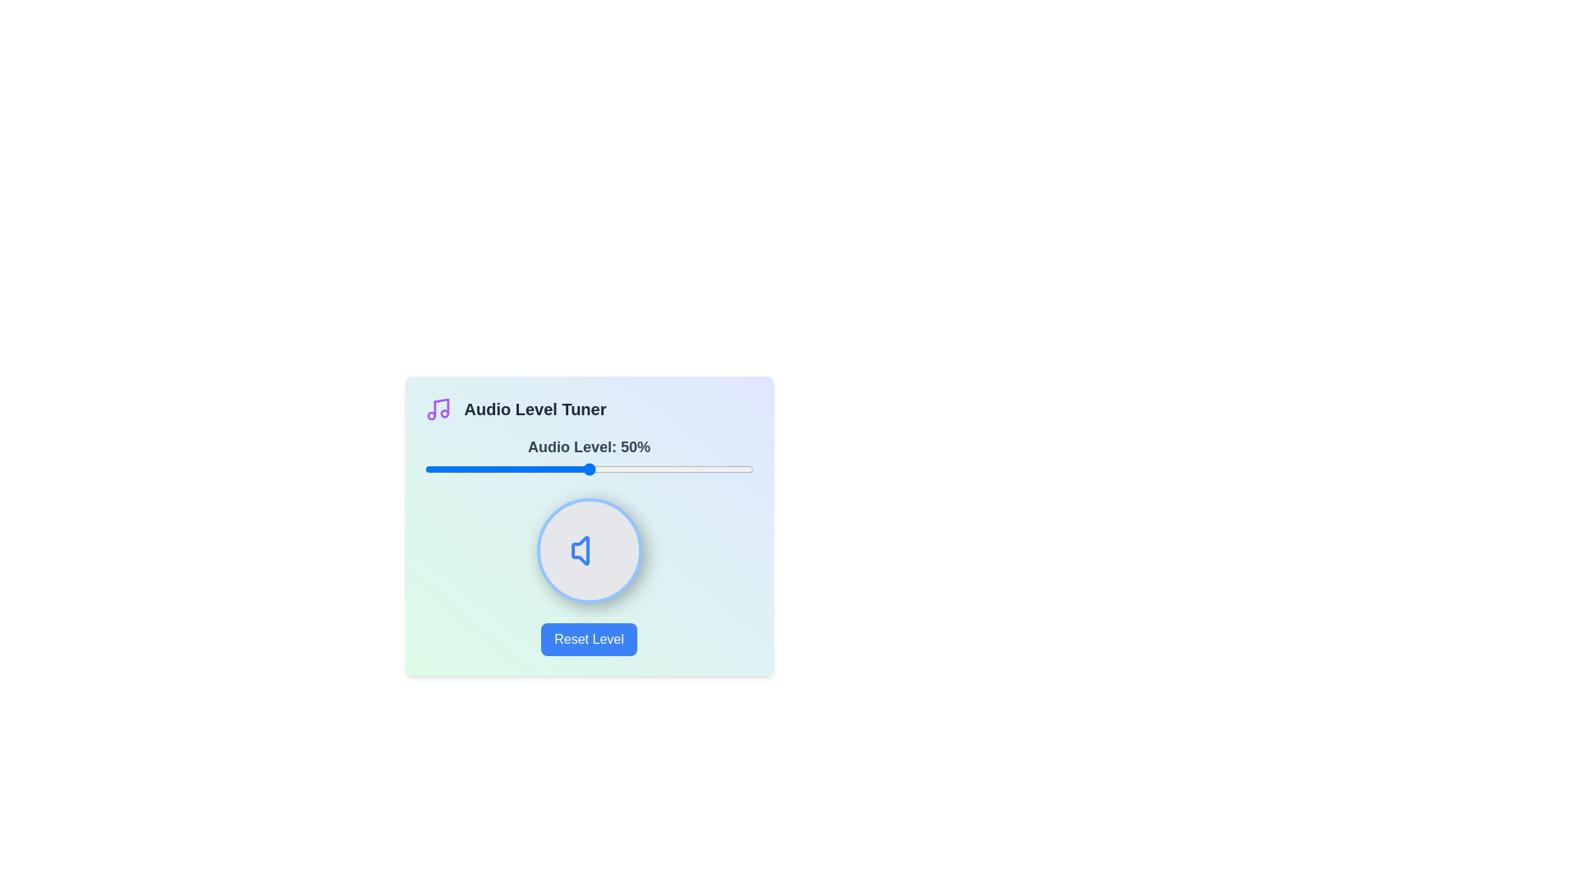 This screenshot has width=1579, height=888. Describe the element at coordinates (651, 469) in the screenshot. I see `the audio level to 69% by dragging the slider` at that location.